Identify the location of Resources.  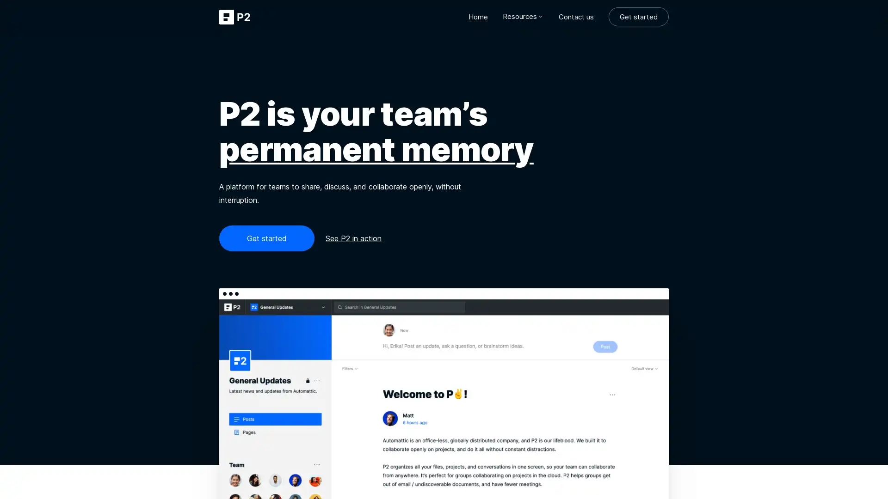
(523, 16).